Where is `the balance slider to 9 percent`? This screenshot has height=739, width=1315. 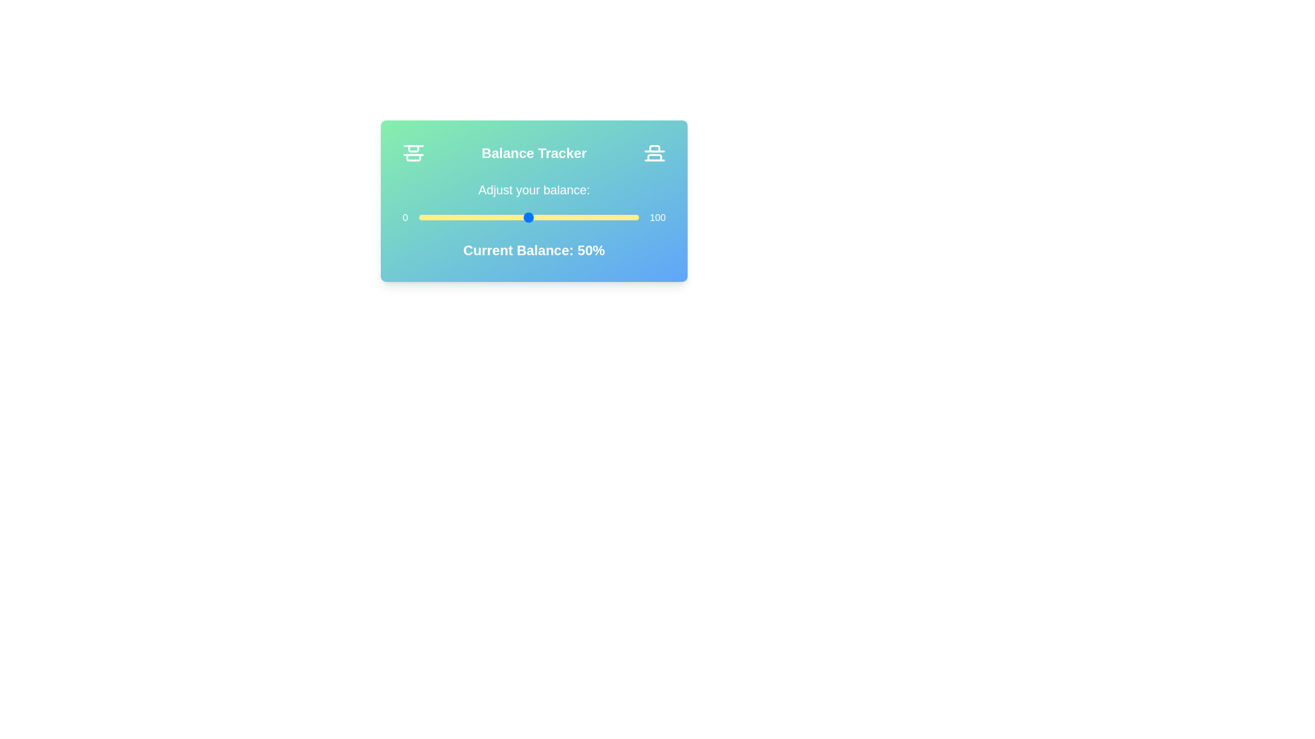 the balance slider to 9 percent is located at coordinates (438, 216).